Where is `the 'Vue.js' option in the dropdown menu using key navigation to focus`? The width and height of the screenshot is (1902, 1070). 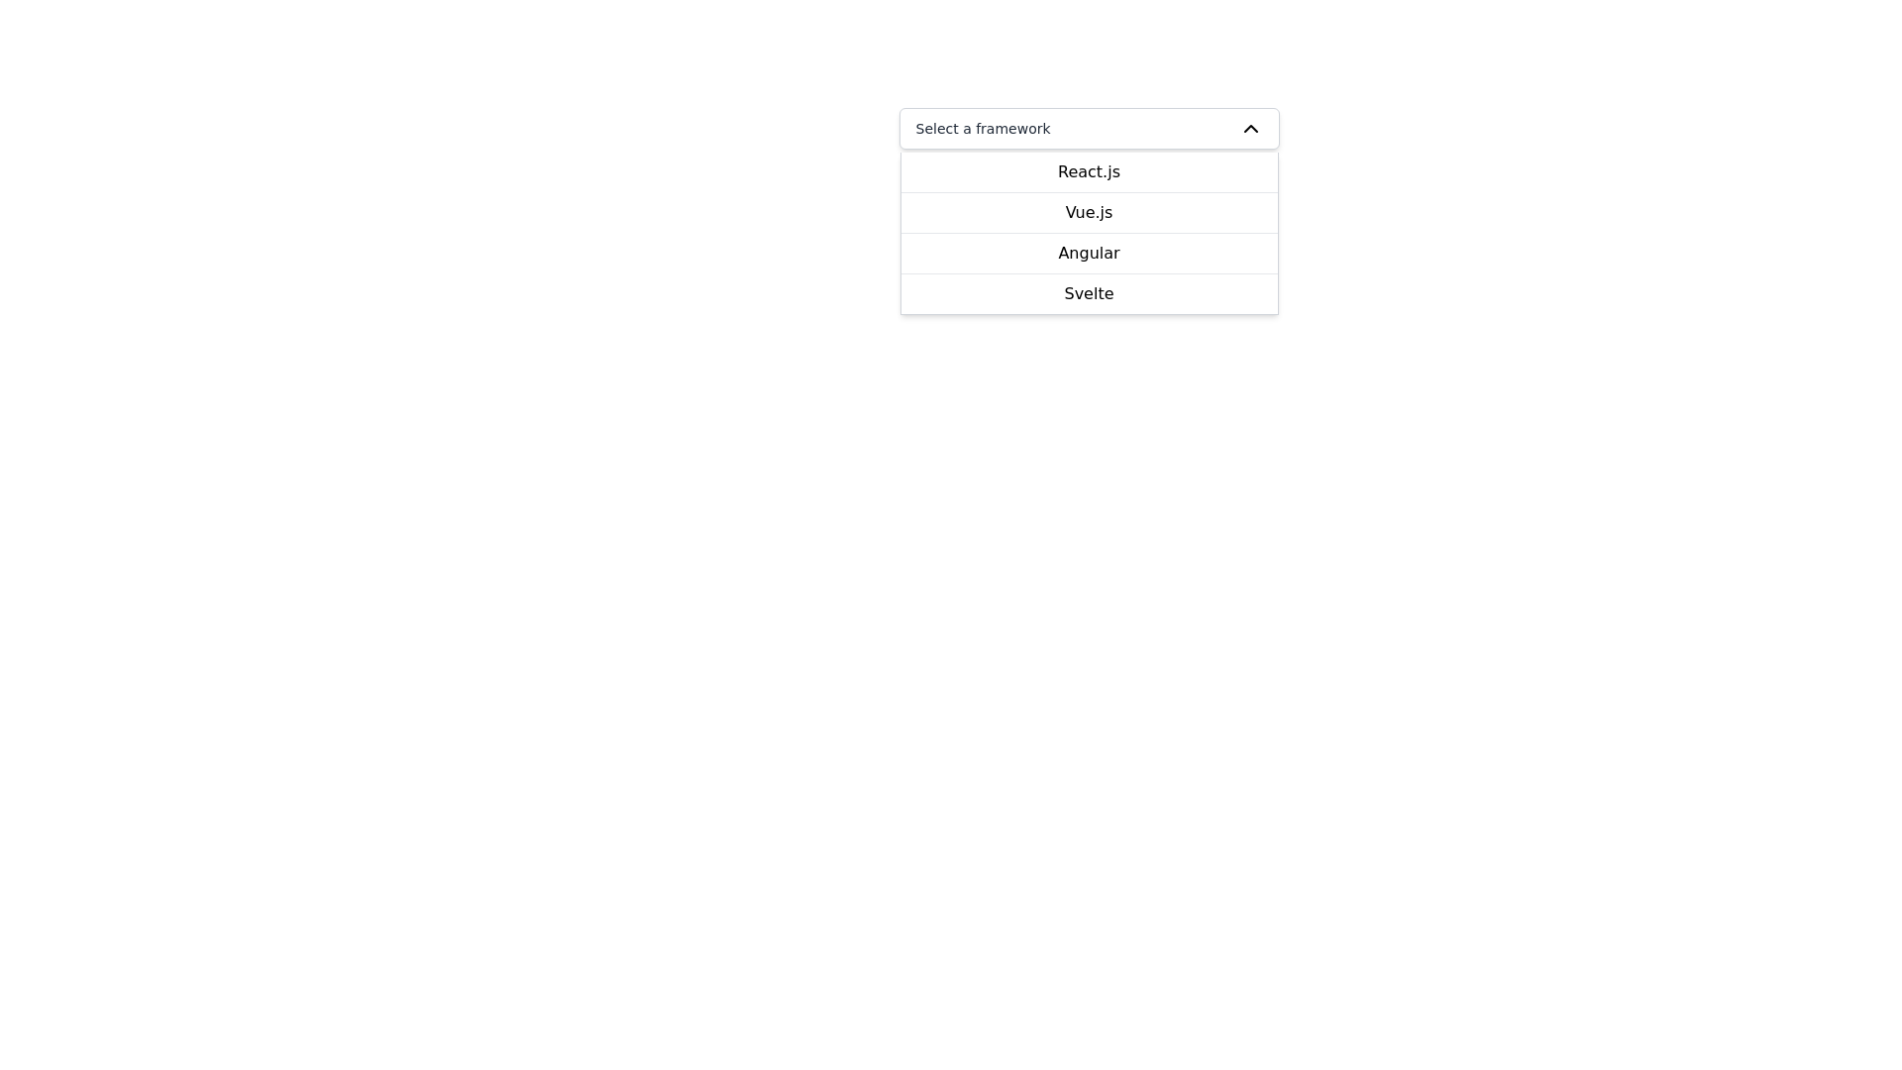
the 'Vue.js' option in the dropdown menu using key navigation to focus is located at coordinates (1088, 212).